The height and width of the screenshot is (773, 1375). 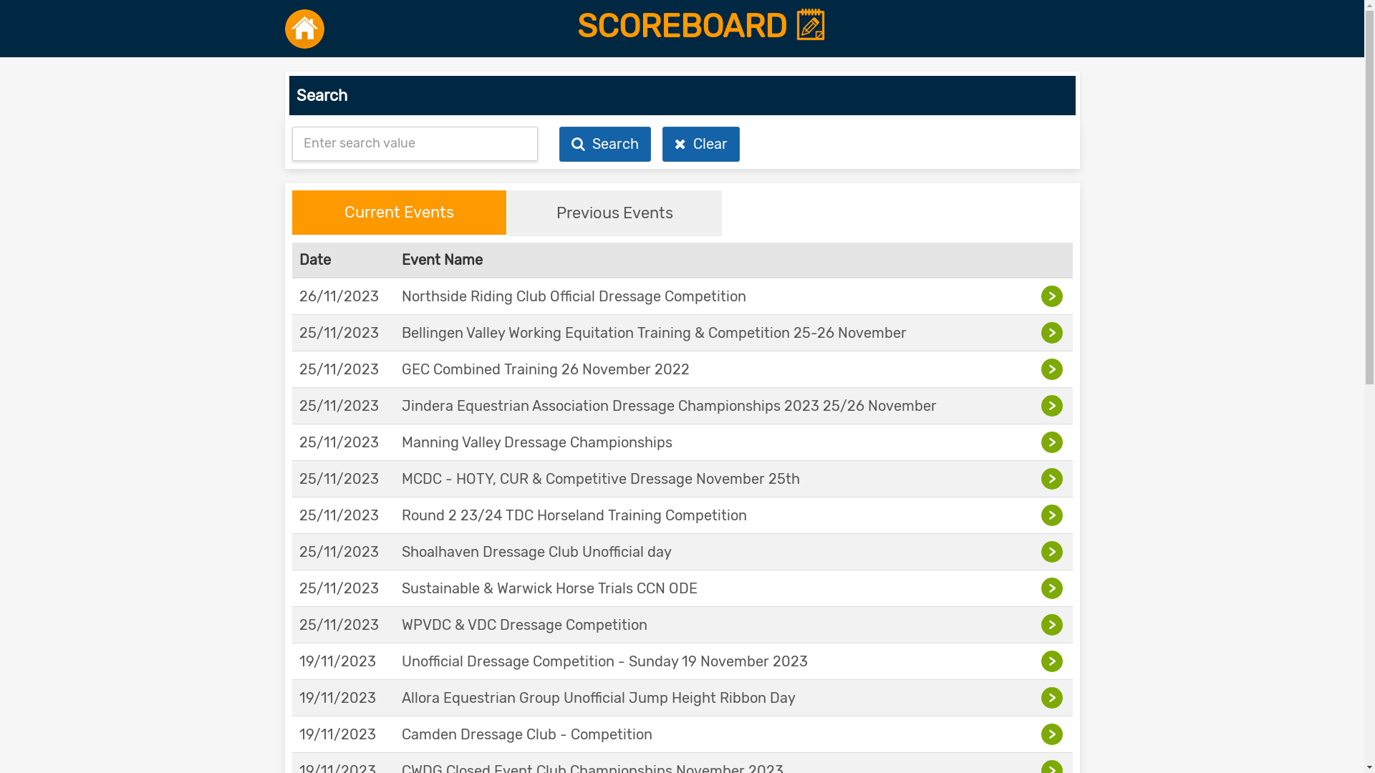 What do you see at coordinates (338, 406) in the screenshot?
I see `'25/11/2023'` at bounding box center [338, 406].